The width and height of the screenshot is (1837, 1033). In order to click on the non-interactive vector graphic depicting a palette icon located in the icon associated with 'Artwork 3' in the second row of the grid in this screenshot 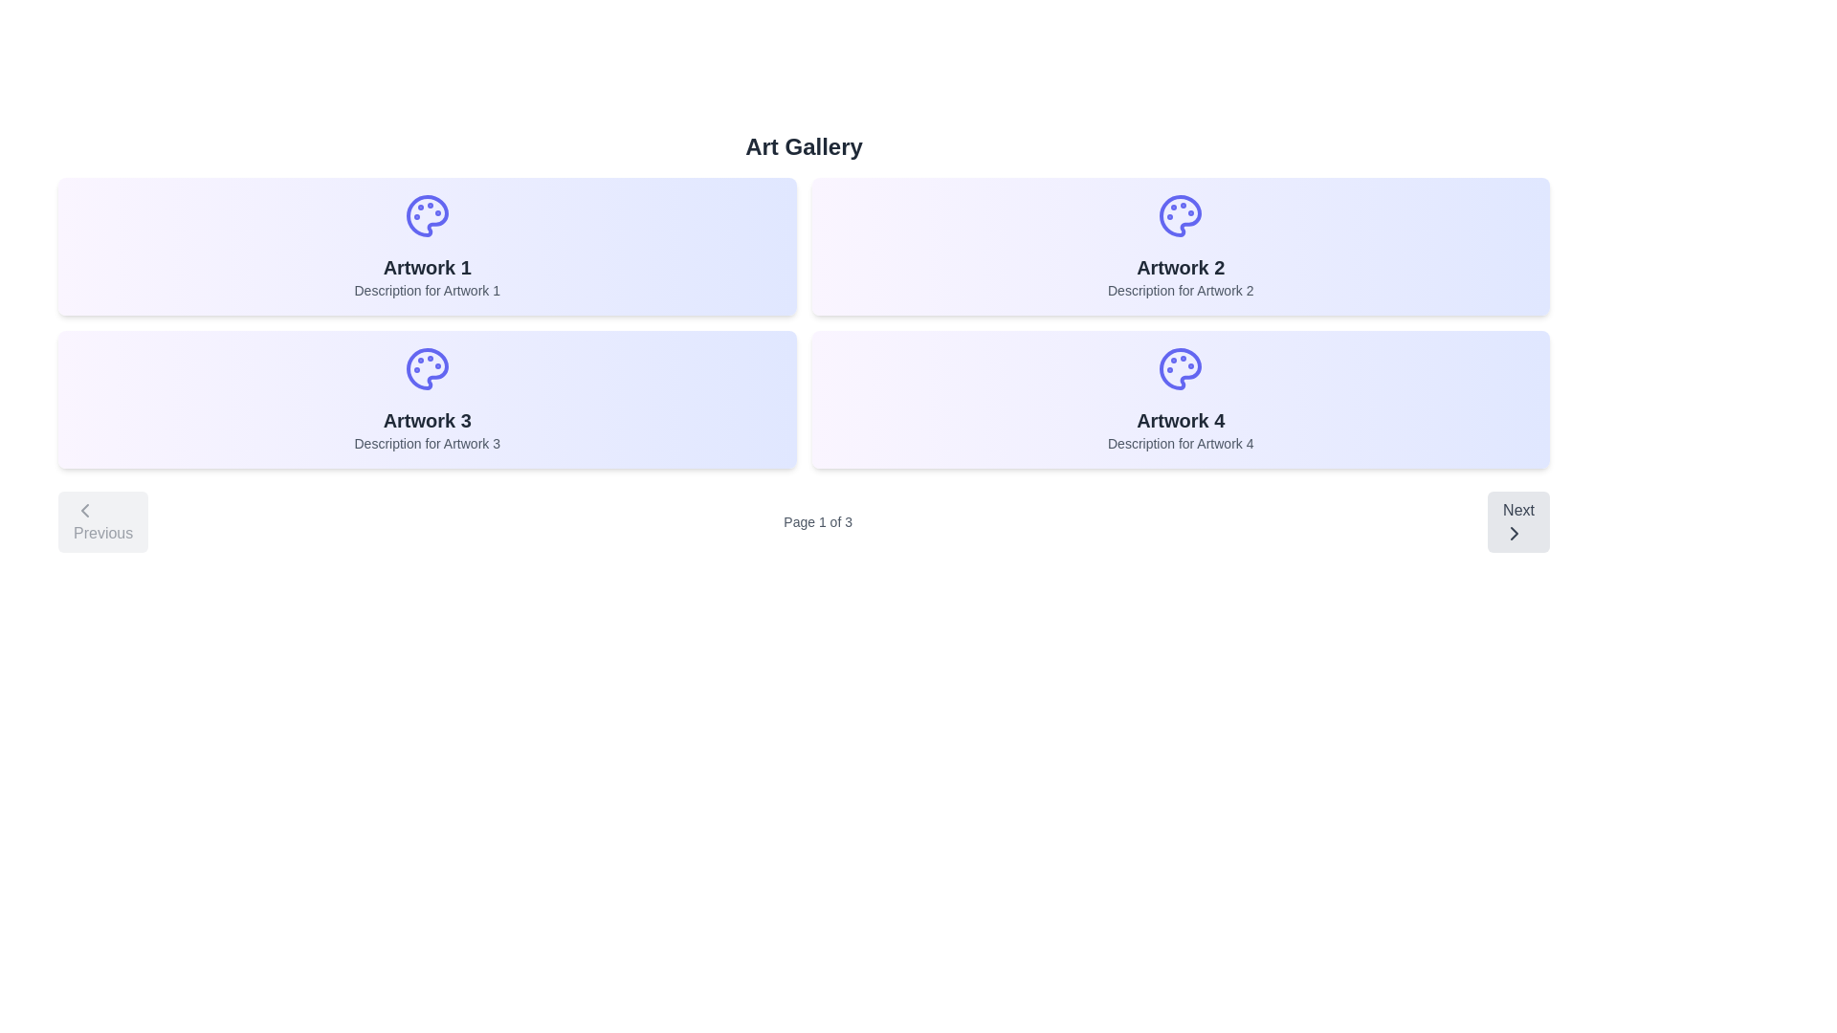, I will do `click(426, 368)`.